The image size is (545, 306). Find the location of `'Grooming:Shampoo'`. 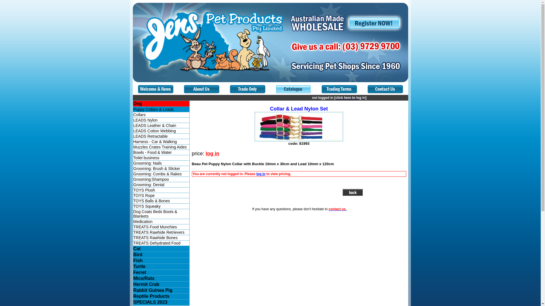

'Grooming:Shampoo' is located at coordinates (151, 179).